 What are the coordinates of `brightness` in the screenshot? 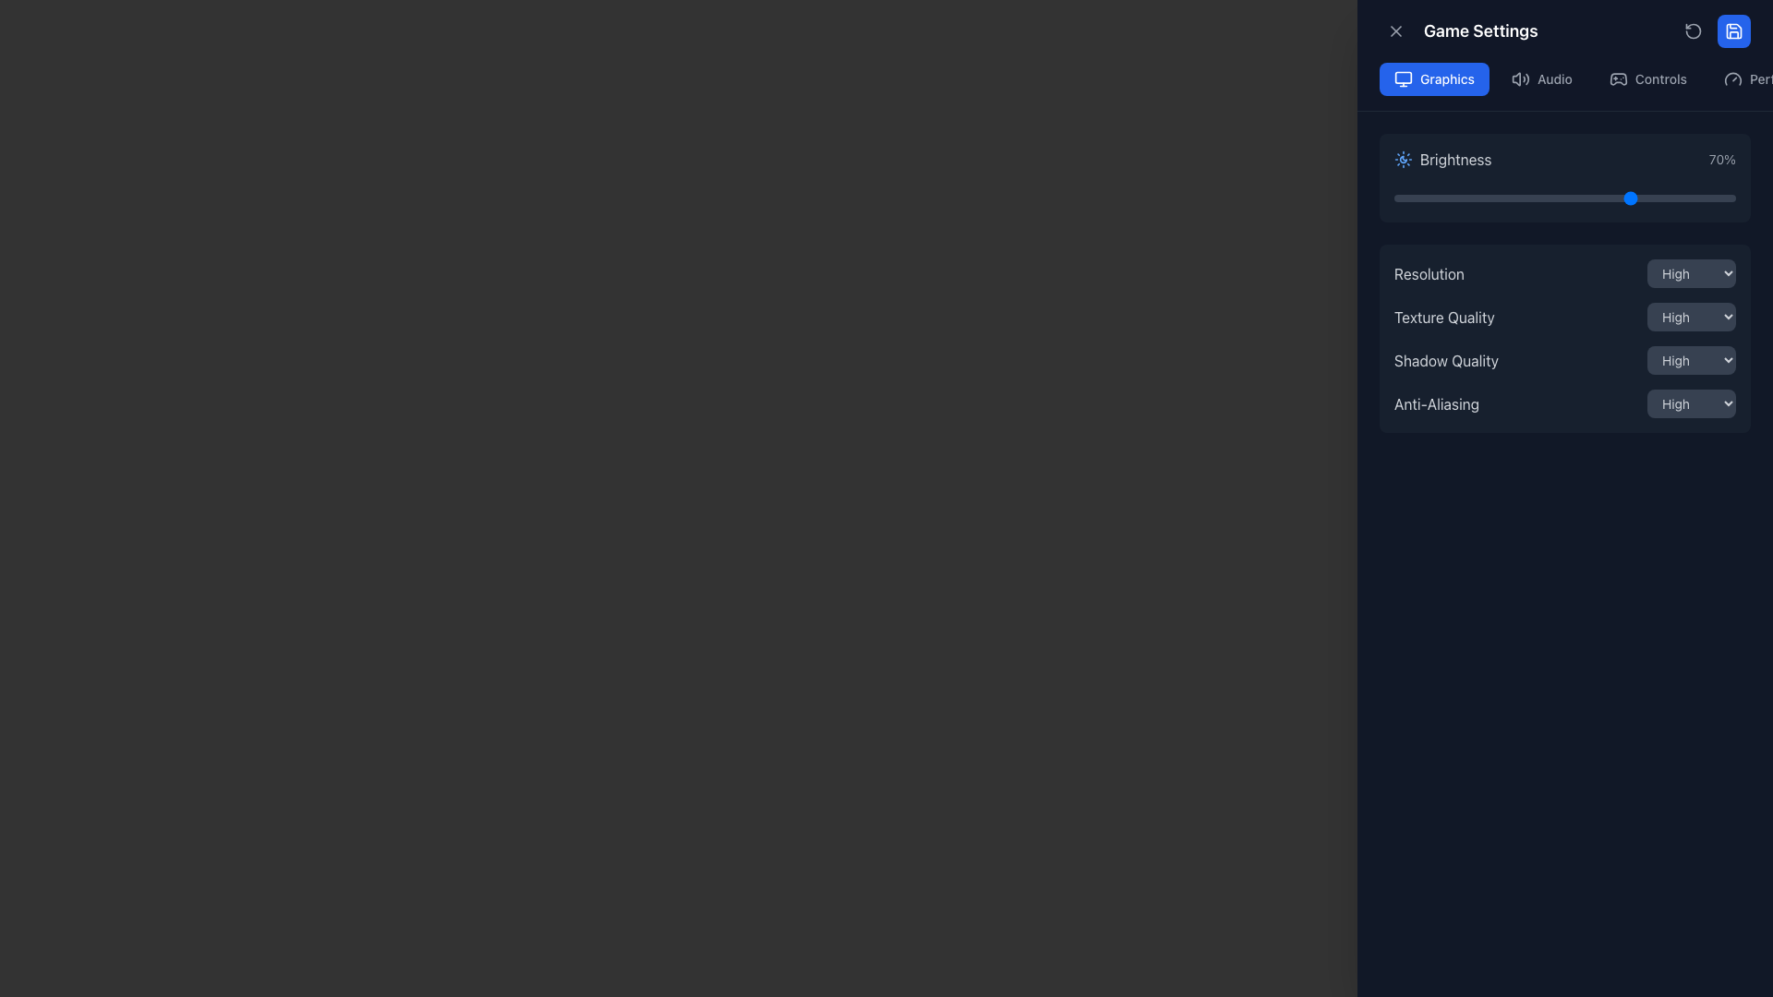 It's located at (1619, 198).